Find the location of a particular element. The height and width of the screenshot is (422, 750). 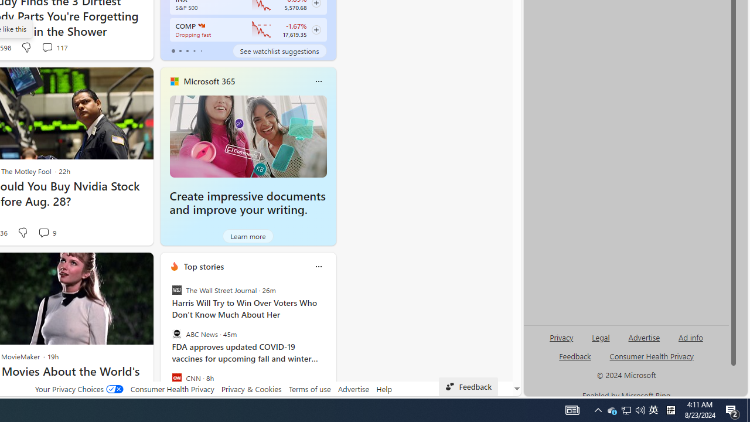

'View comments 117 Comment' is located at coordinates (53, 47).